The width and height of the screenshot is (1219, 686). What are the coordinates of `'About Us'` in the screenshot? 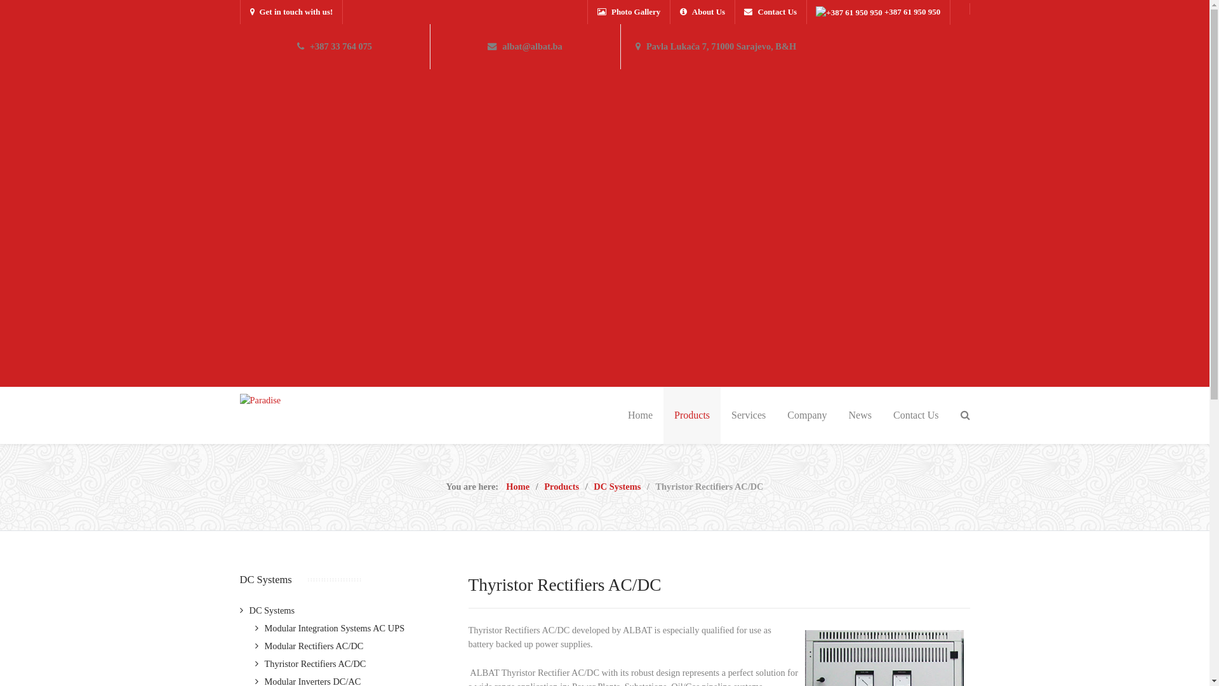 It's located at (702, 12).